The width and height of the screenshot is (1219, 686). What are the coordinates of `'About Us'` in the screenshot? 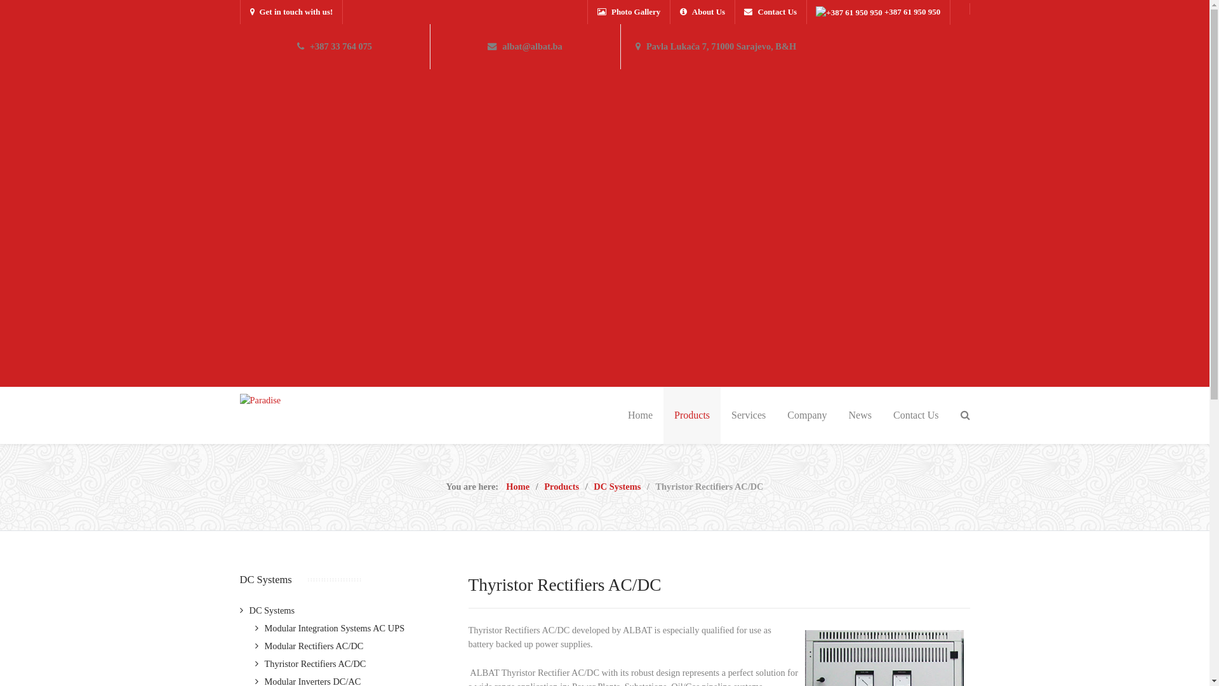 It's located at (702, 12).